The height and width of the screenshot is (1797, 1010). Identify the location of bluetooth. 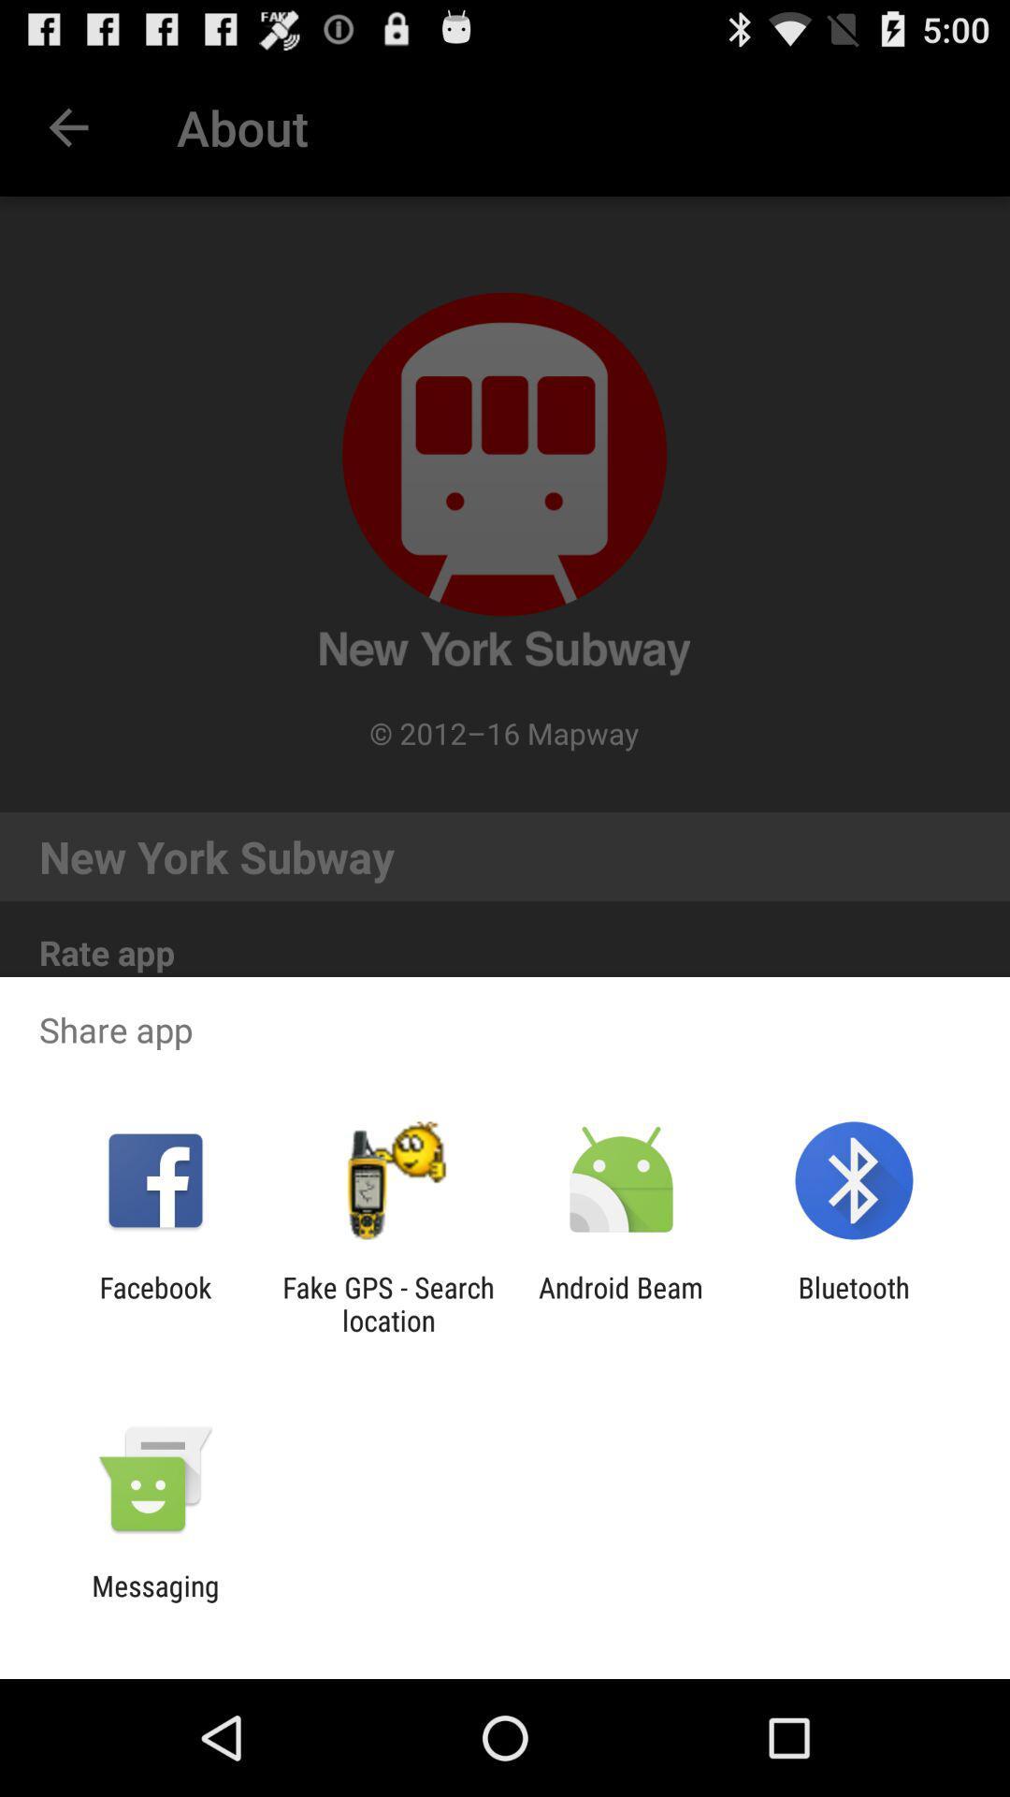
(854, 1303).